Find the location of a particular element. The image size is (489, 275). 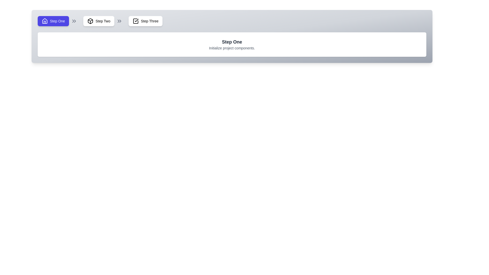

the SVG icon resembling a cuboid or box located to the left of the 'Step Two' text in the step navigation bar to include it in the UI for representation is located at coordinates (90, 21).